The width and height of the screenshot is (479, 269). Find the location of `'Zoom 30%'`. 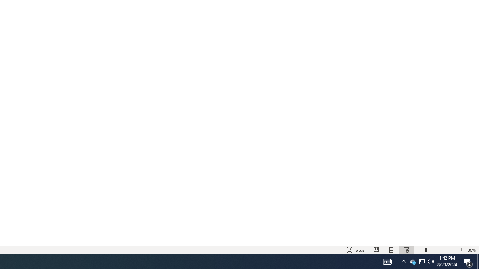

'Zoom 30%' is located at coordinates (472, 250).